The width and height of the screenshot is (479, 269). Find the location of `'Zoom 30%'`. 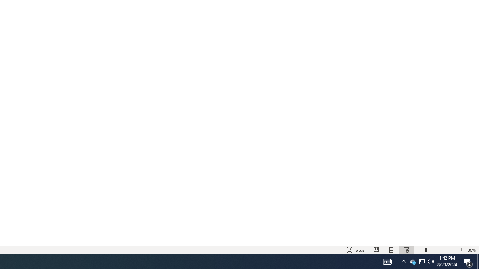

'Zoom 30%' is located at coordinates (472, 250).